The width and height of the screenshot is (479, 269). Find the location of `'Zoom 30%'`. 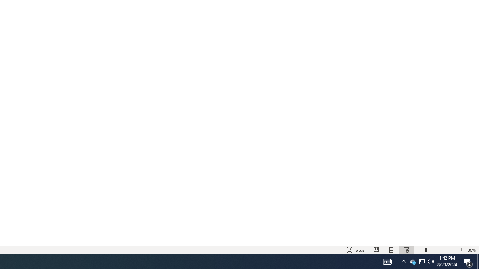

'Zoom 30%' is located at coordinates (472, 250).